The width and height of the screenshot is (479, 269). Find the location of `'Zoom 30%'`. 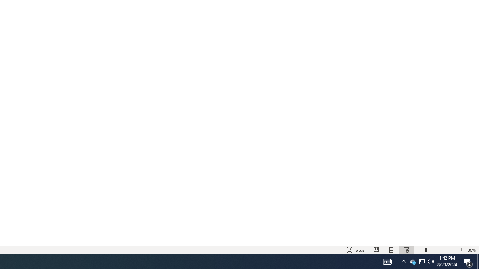

'Zoom 30%' is located at coordinates (472, 250).